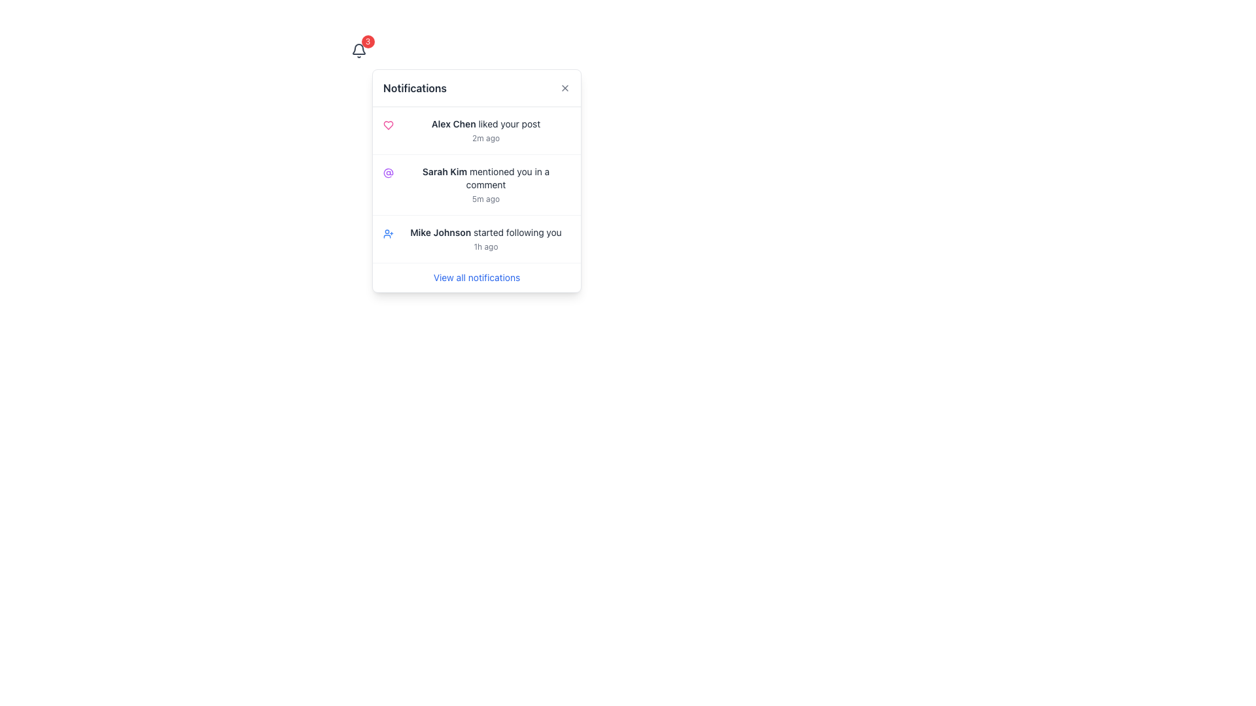 The image size is (1256, 706). Describe the element at coordinates (388, 173) in the screenshot. I see `the purple '@' icon located` at that location.